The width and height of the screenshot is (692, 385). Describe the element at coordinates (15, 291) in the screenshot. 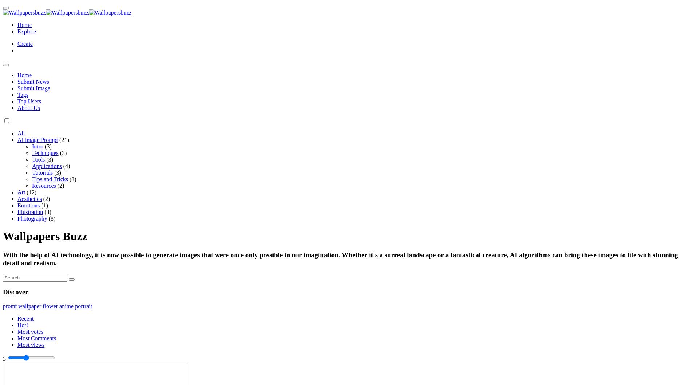

I see `'Discover'` at that location.